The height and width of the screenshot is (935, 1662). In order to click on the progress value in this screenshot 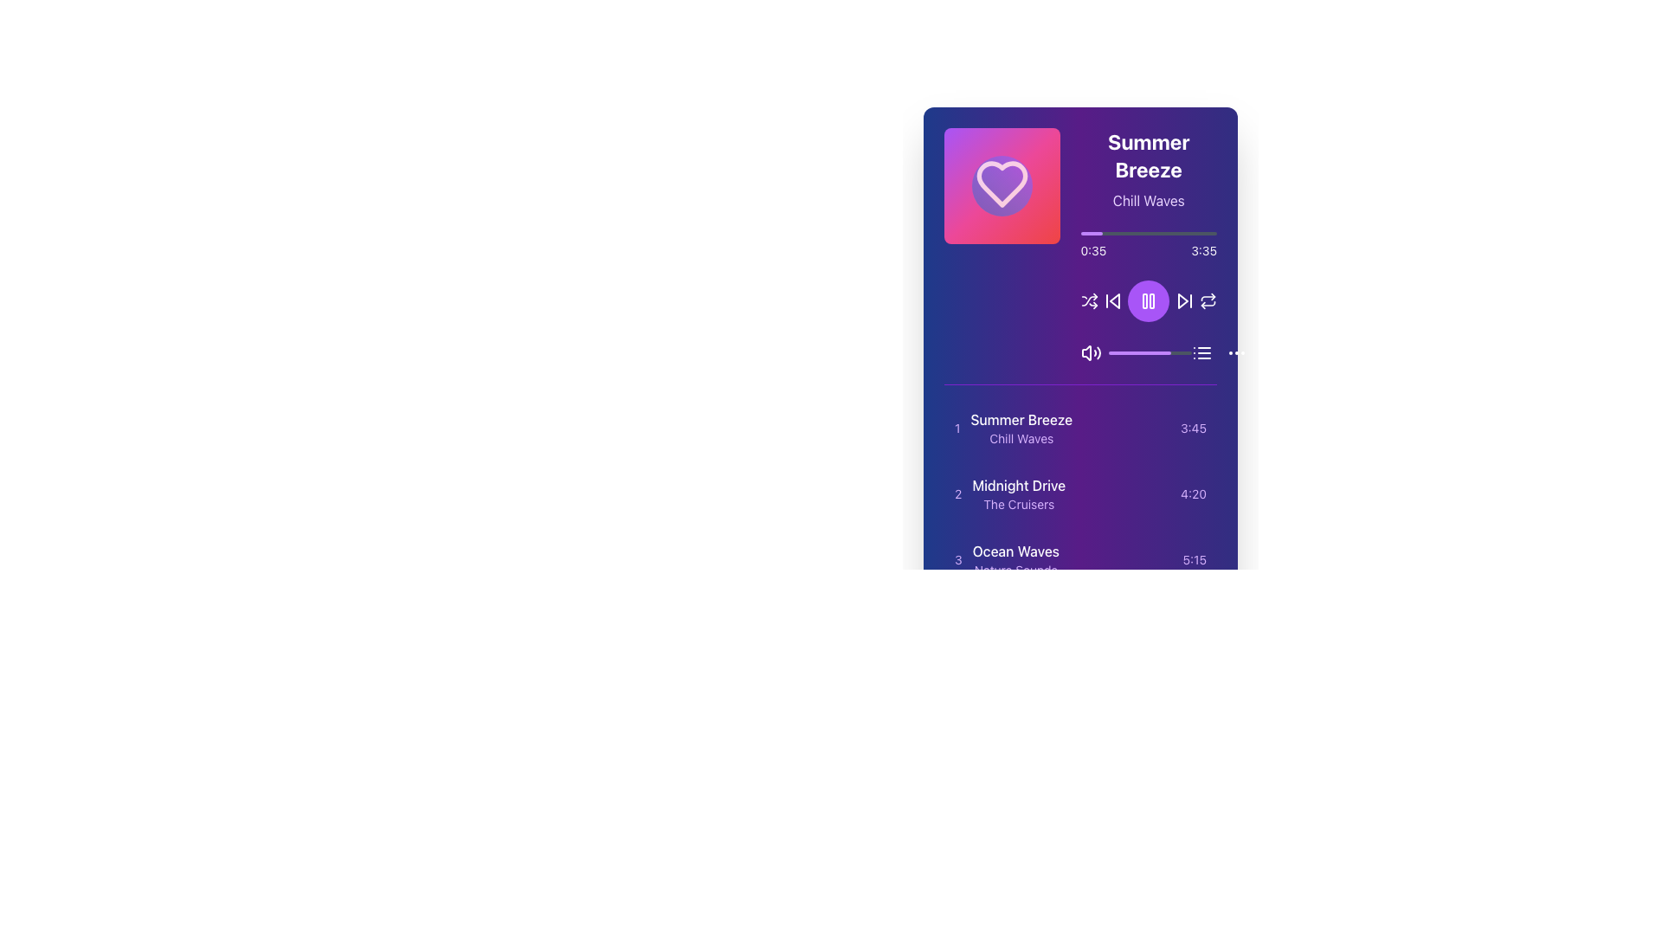, I will do `click(1120, 352)`.